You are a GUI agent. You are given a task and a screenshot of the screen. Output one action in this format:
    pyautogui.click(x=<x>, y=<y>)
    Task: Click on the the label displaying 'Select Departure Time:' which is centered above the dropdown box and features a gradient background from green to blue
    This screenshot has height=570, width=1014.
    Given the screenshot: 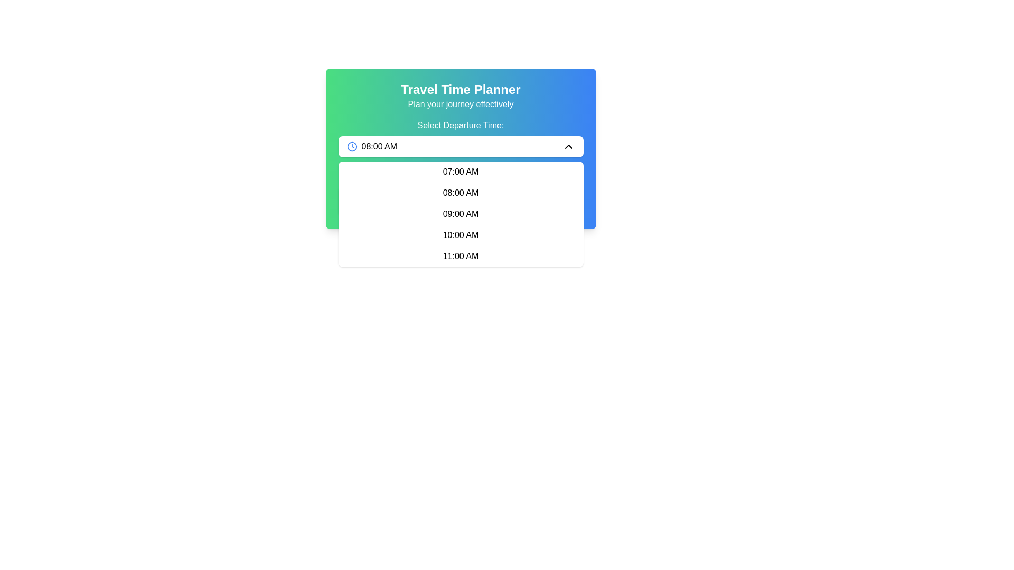 What is the action you would take?
    pyautogui.click(x=461, y=125)
    